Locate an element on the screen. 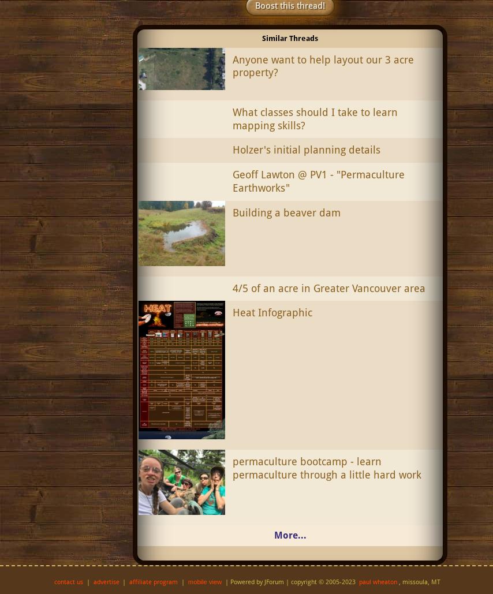 The image size is (493, 594). 'contact us' is located at coordinates (68, 581).